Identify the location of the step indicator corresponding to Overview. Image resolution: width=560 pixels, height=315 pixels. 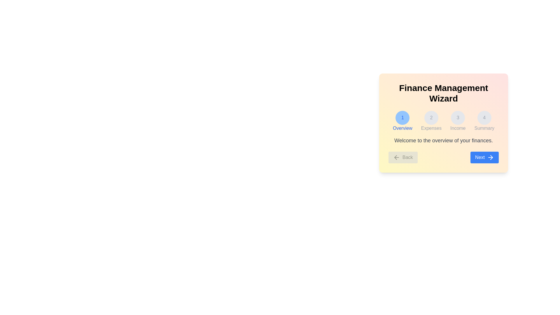
(402, 121).